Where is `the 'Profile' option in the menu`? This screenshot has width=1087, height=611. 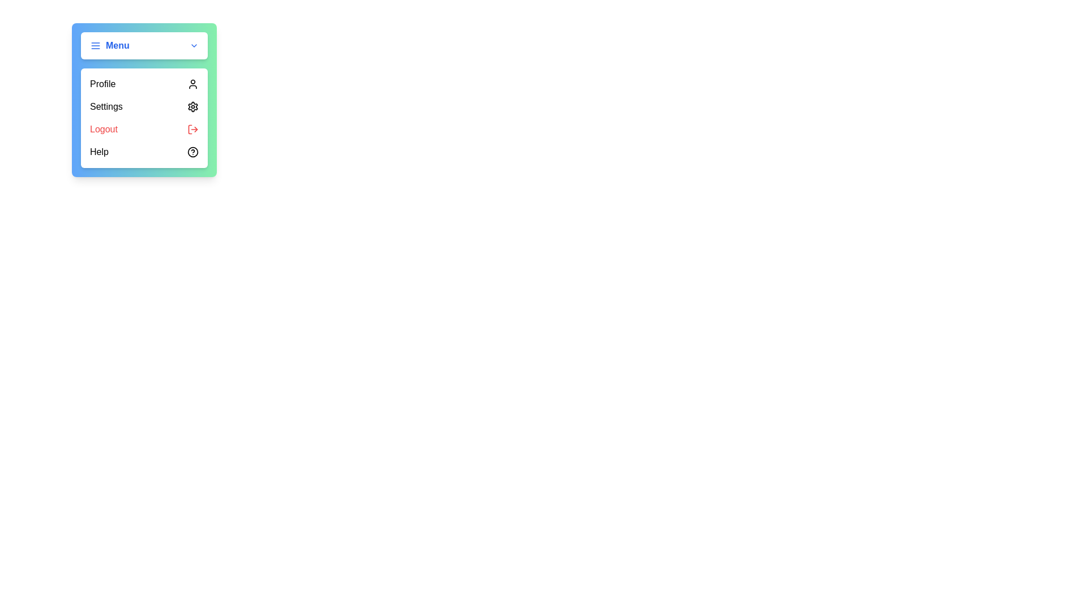
the 'Profile' option in the menu is located at coordinates (143, 84).